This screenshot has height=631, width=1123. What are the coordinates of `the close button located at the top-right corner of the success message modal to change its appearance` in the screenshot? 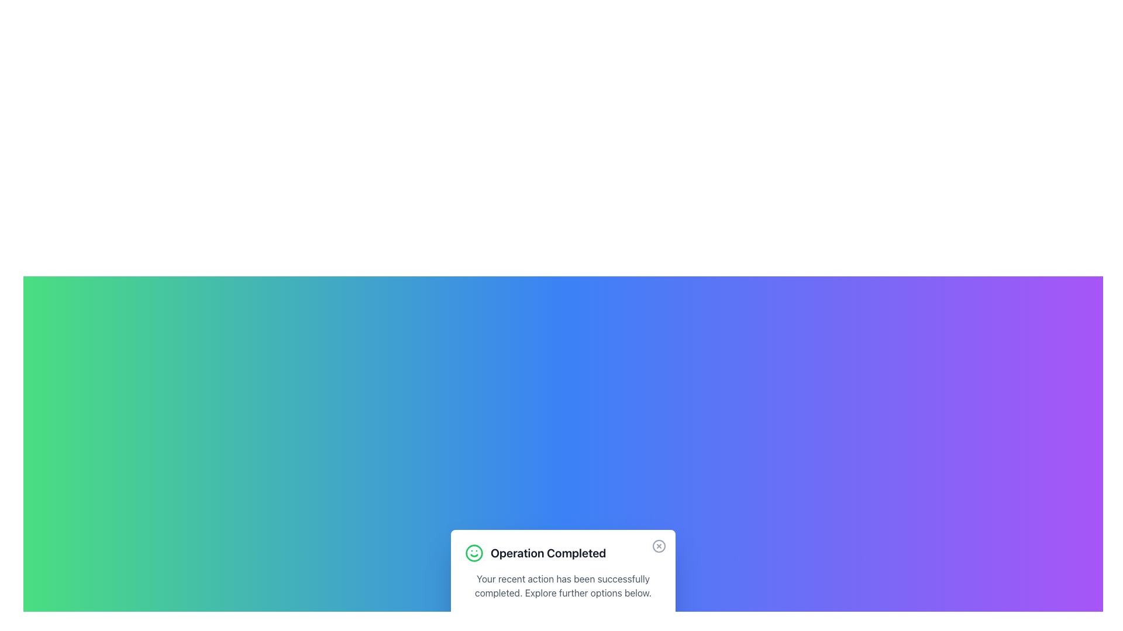 It's located at (659, 546).